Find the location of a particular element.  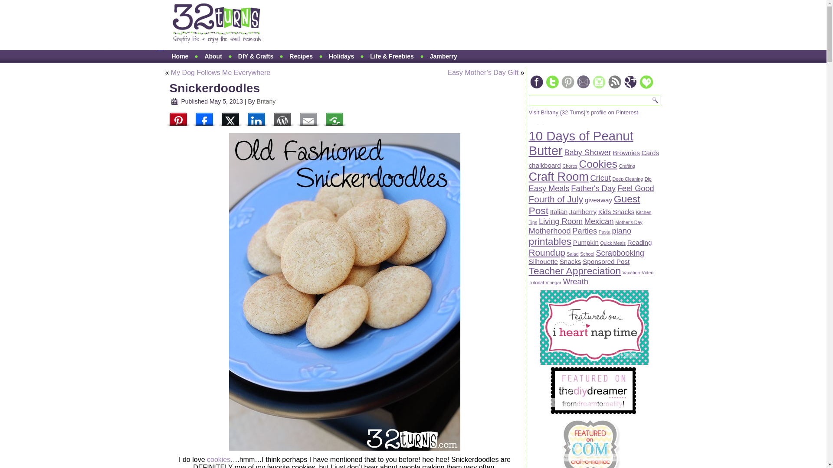

'Motherhood' is located at coordinates (549, 230).